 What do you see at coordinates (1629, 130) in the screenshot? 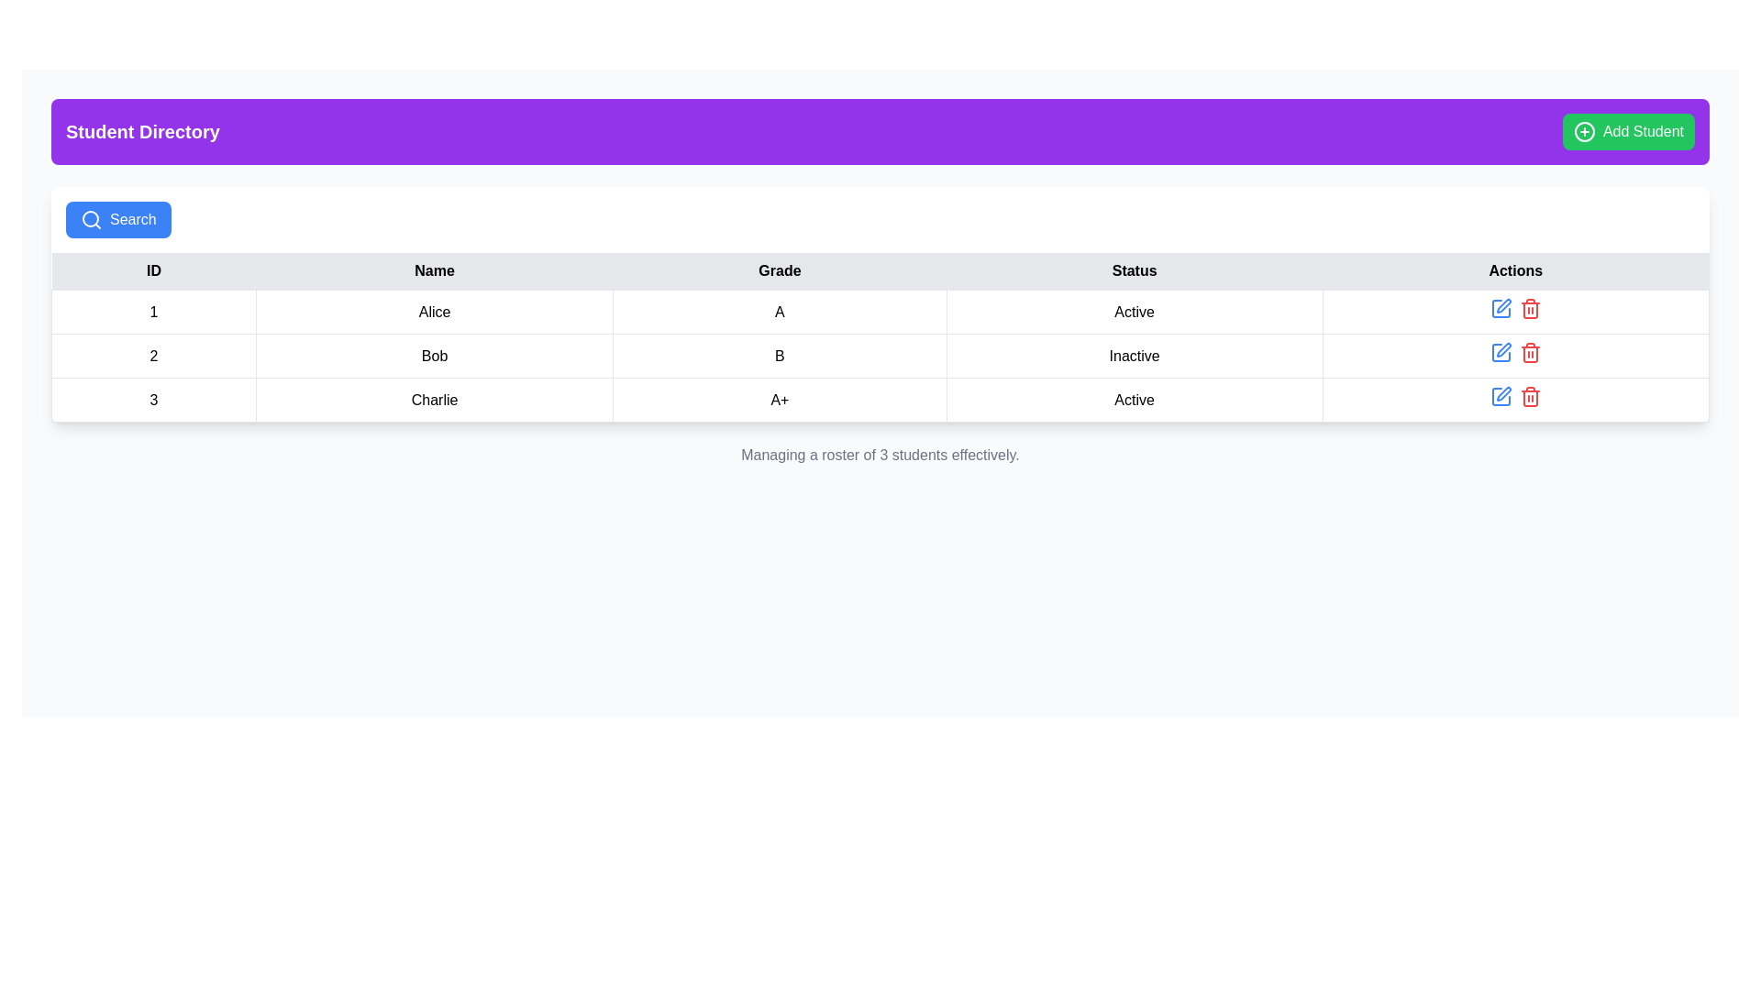
I see `the button used to add a new student to the directory, located in the top purple header bar, aligned to the right side after the 'Student Directory' text` at bounding box center [1629, 130].